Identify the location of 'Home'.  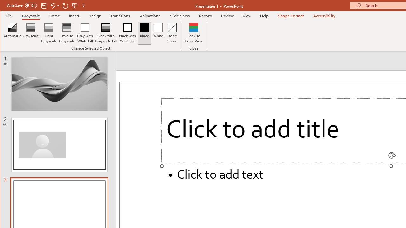
(54, 16).